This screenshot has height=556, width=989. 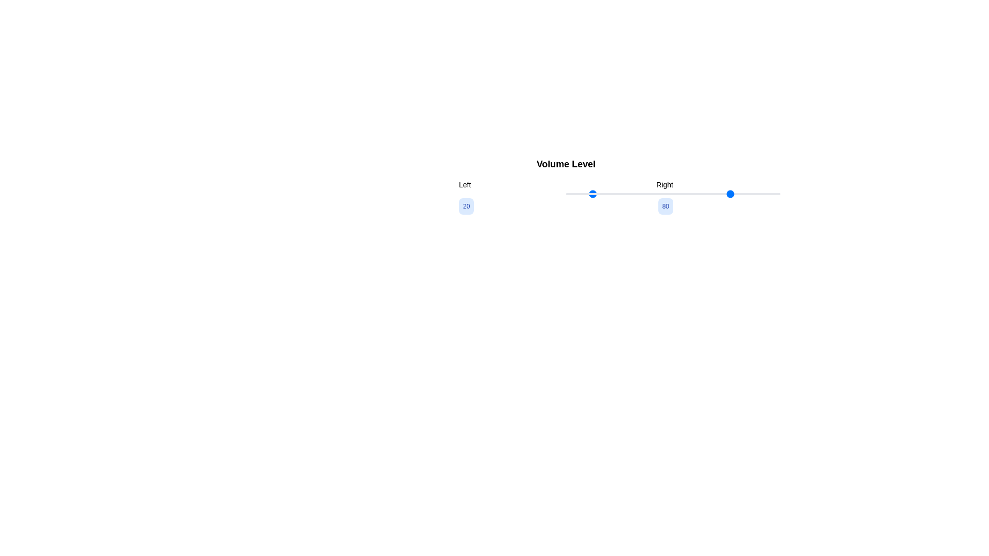 What do you see at coordinates (663, 194) in the screenshot?
I see `the slider value` at bounding box center [663, 194].